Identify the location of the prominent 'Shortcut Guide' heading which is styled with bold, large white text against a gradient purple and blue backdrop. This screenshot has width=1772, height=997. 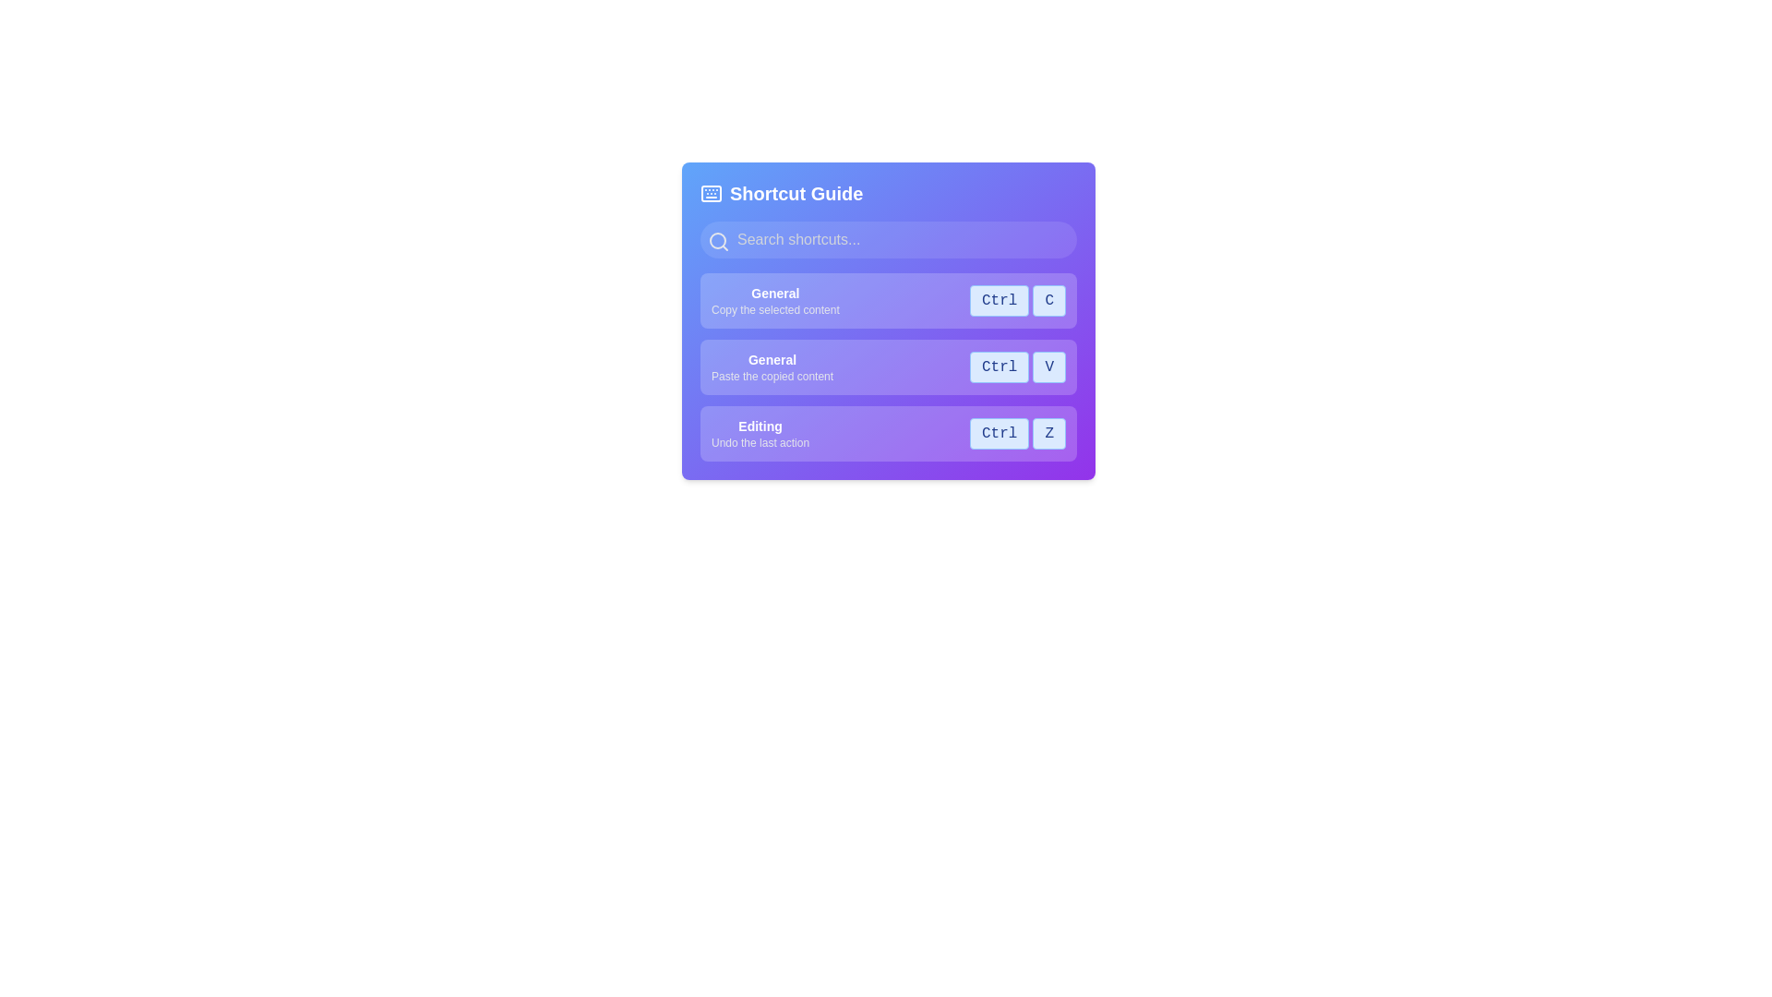
(796, 193).